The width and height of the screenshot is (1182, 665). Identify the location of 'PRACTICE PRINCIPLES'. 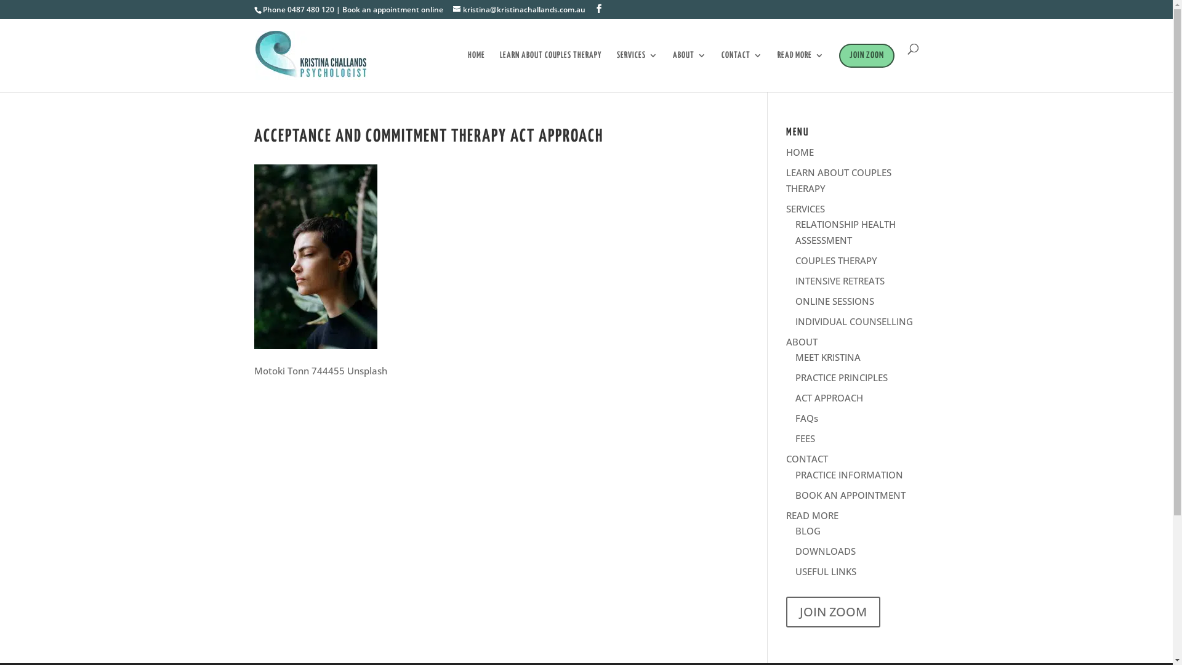
(841, 377).